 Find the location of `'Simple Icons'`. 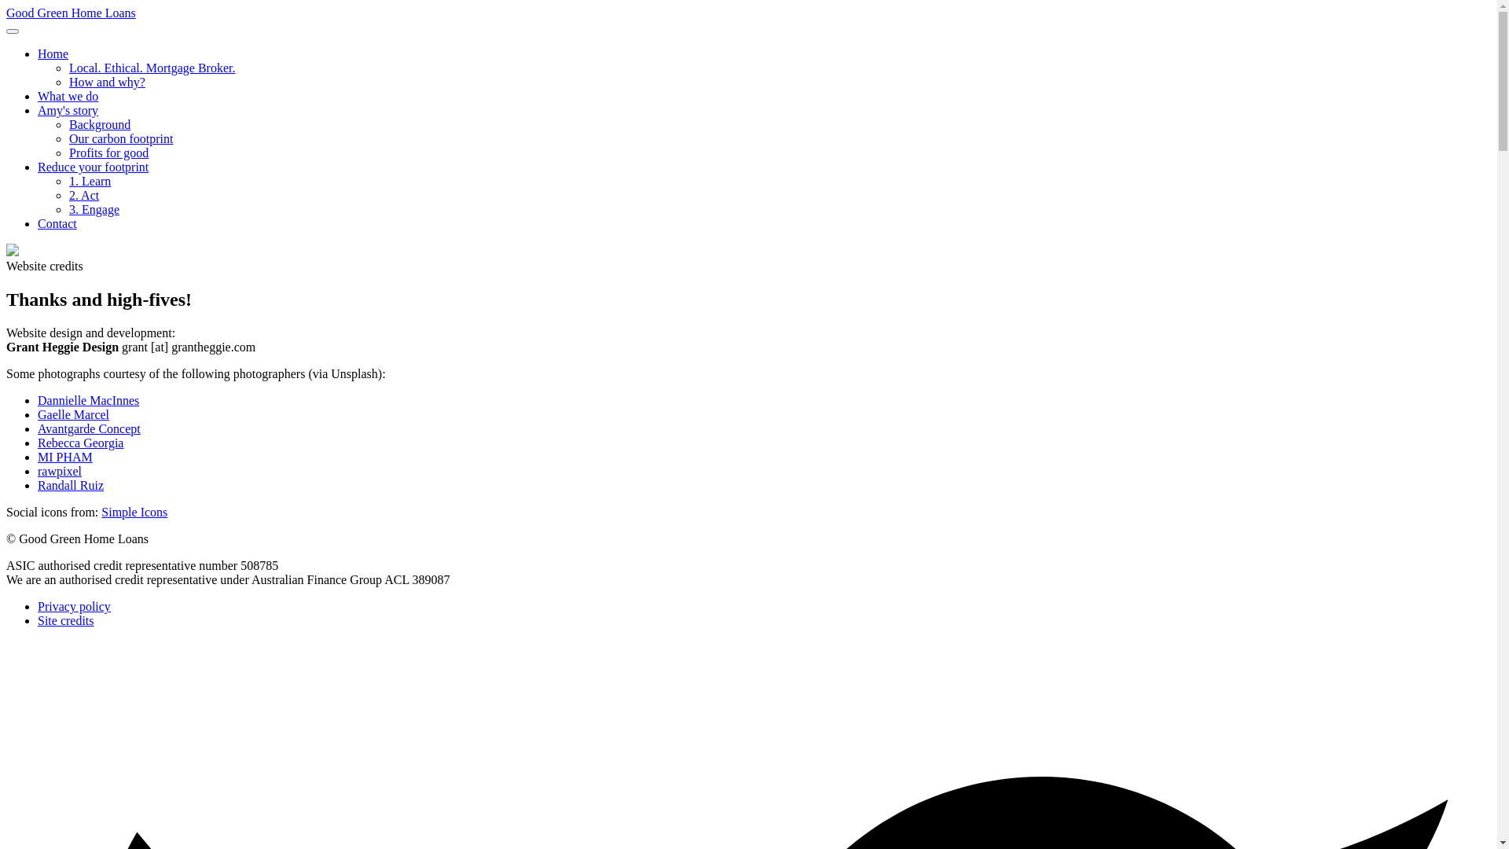

'Simple Icons' is located at coordinates (134, 512).